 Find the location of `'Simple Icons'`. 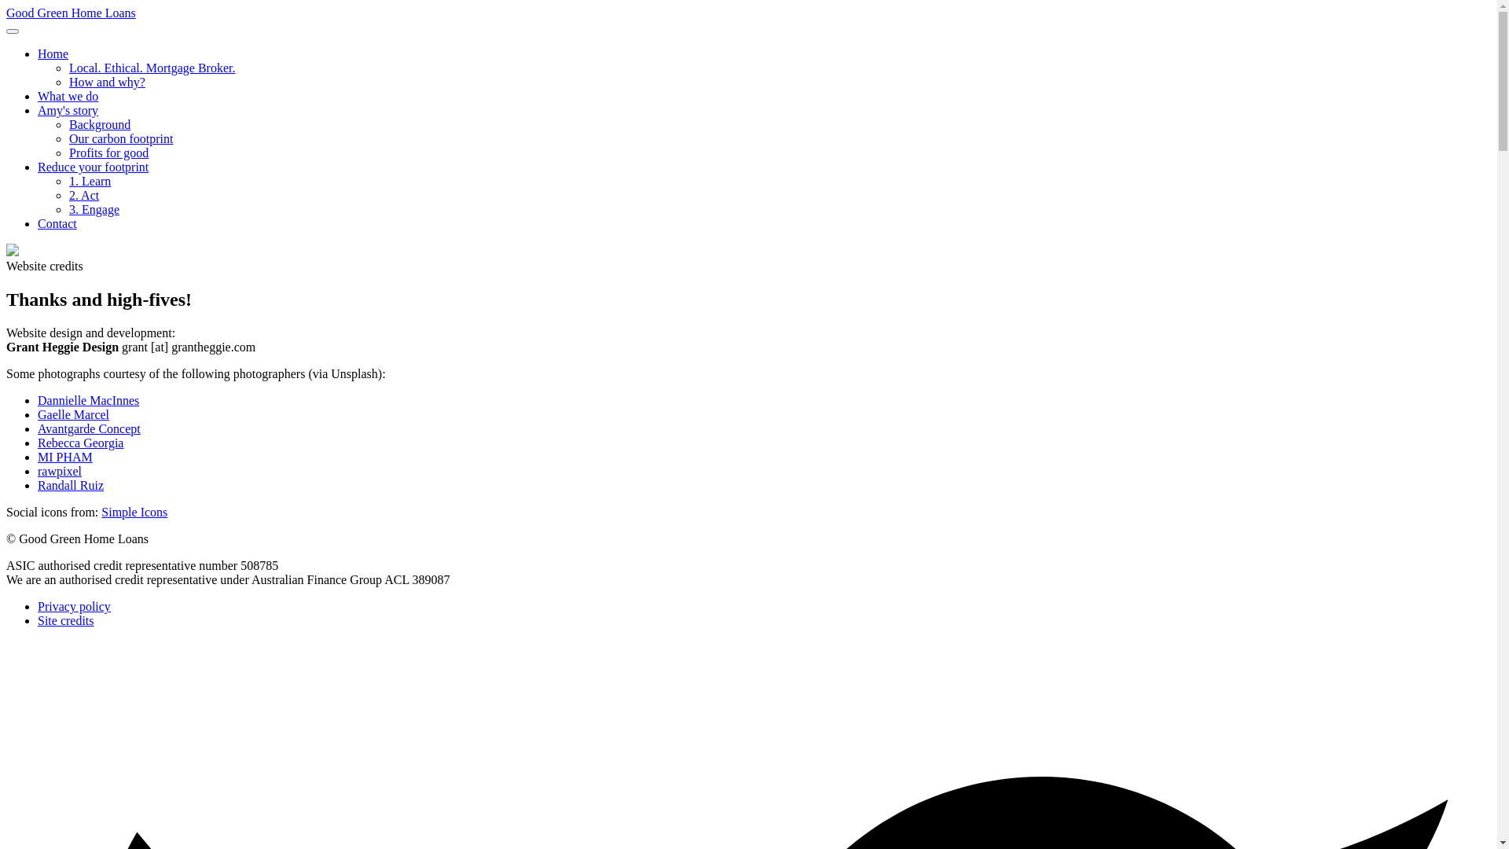

'Simple Icons' is located at coordinates (134, 512).